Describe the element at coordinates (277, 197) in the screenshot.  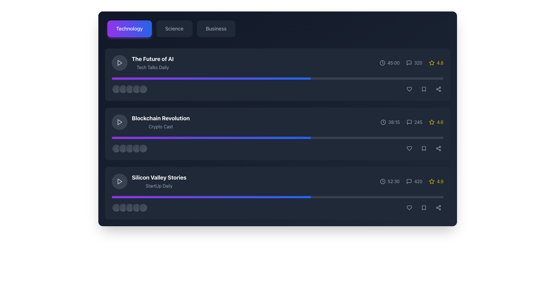
I see `the progress bar located in the third row under the title 'Silicon Valley Stories', below the circular avatars` at that location.